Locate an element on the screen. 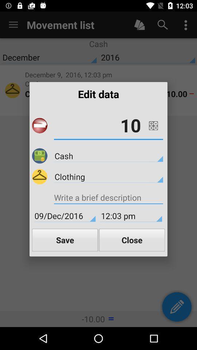  clothing item is located at coordinates (108, 176).